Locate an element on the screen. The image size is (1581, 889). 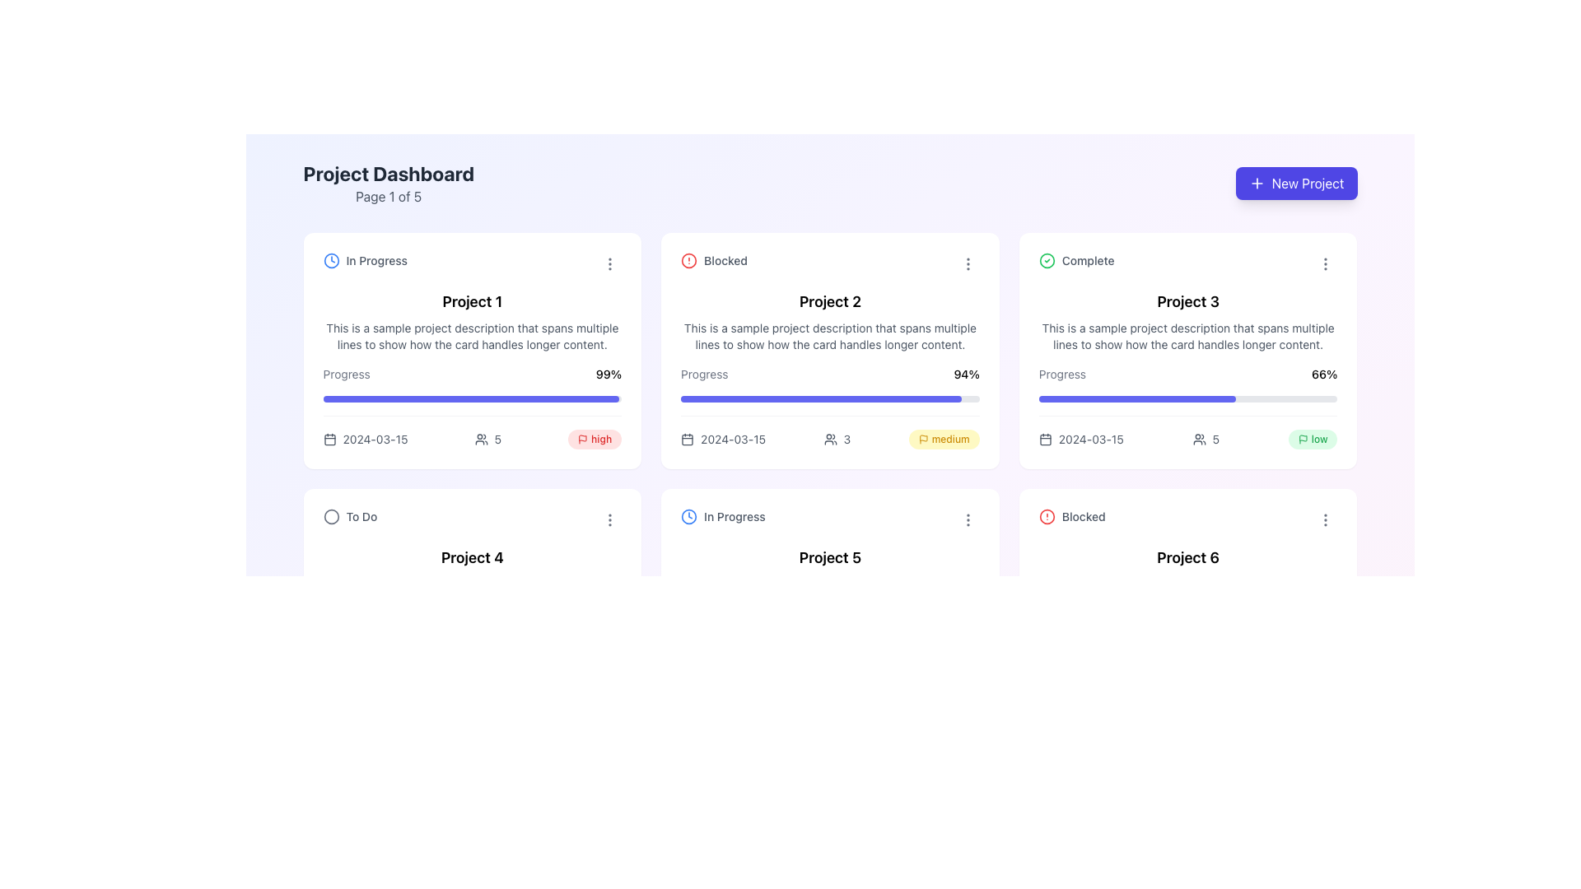
the vertical ellipsis icon inside the circular button located at the upper-right corner of the Project 2 card is located at coordinates (968, 263).